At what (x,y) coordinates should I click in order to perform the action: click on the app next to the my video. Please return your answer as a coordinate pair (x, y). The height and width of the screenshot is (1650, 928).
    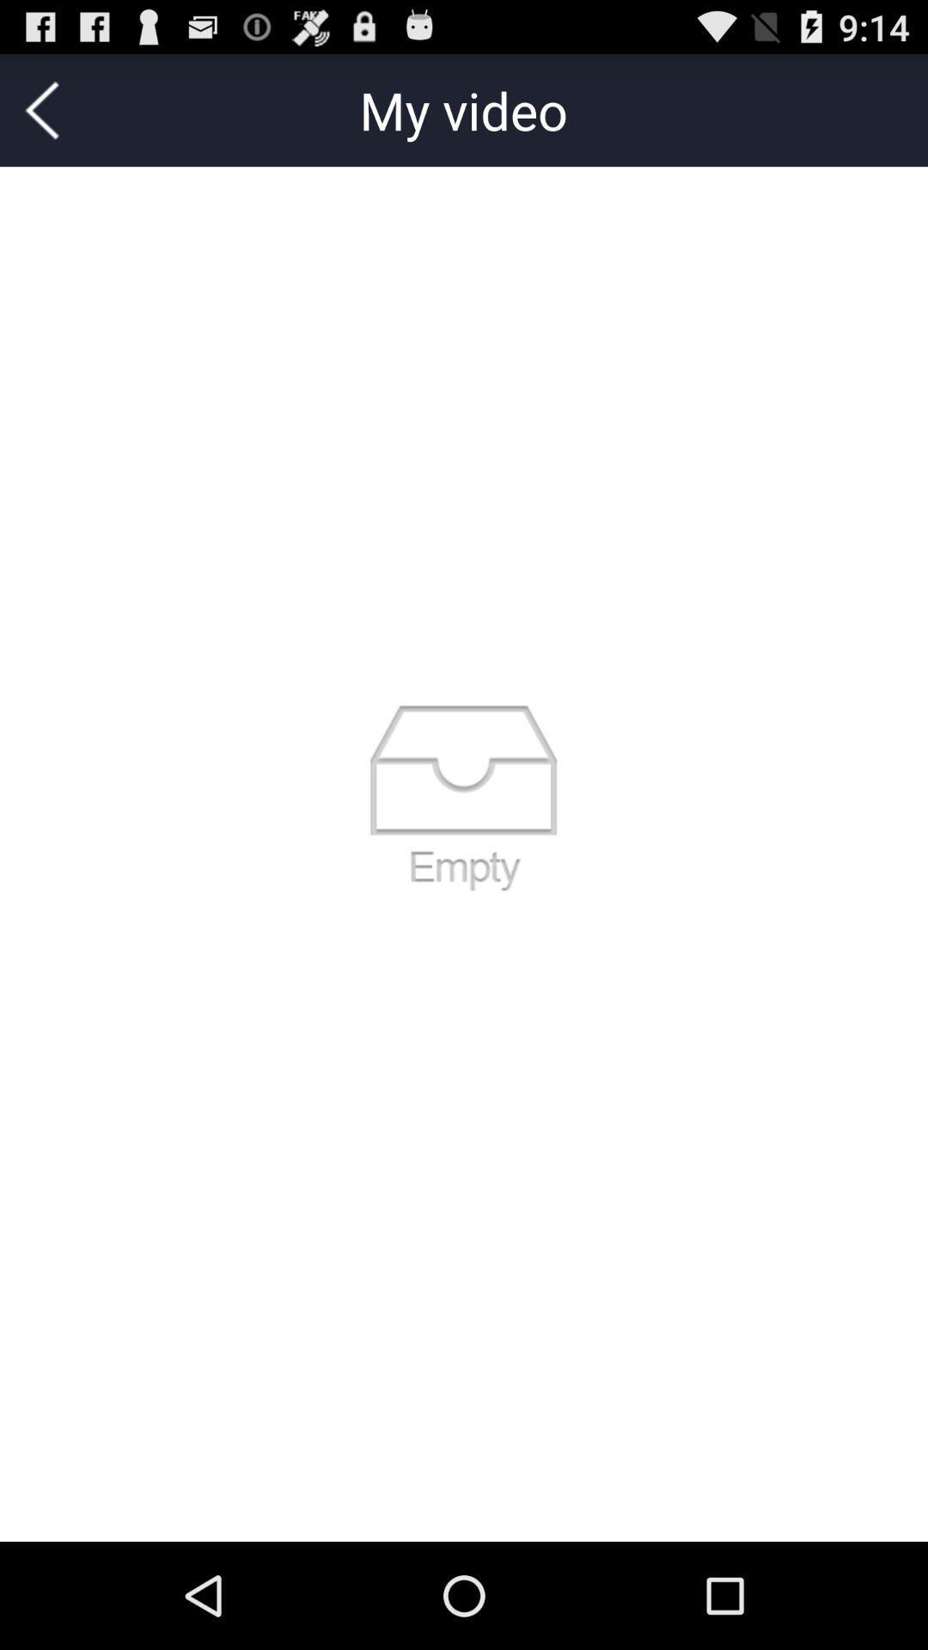
    Looking at the image, I should click on (41, 109).